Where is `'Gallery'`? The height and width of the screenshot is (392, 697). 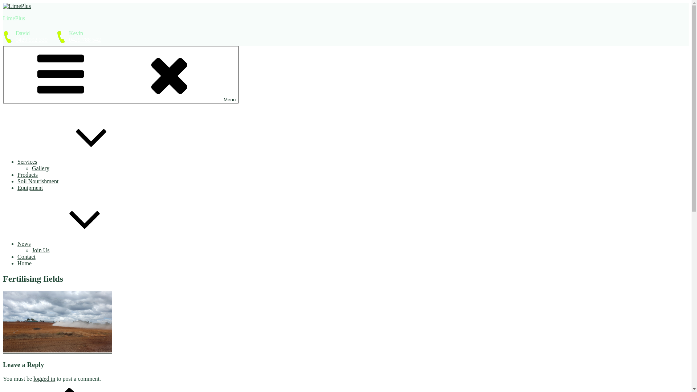 'Gallery' is located at coordinates (40, 168).